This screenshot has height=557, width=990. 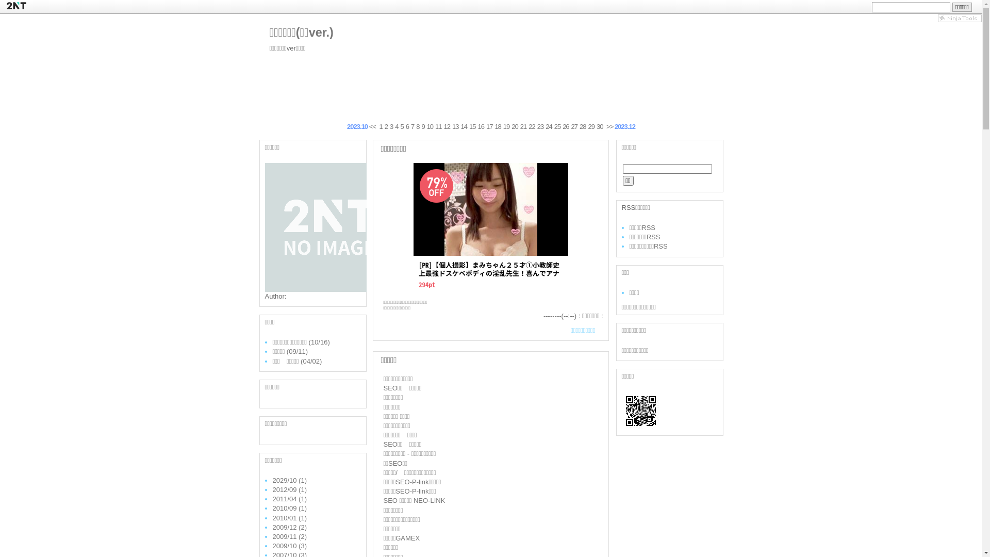 I want to click on '2029/10 (1)', so click(x=272, y=480).